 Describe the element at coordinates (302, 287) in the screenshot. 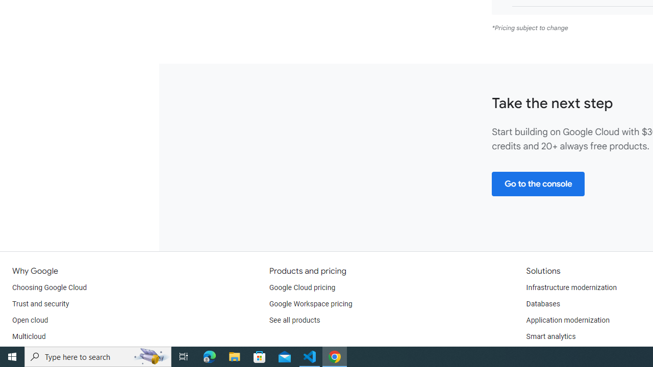

I see `'Google Cloud pricing'` at that location.